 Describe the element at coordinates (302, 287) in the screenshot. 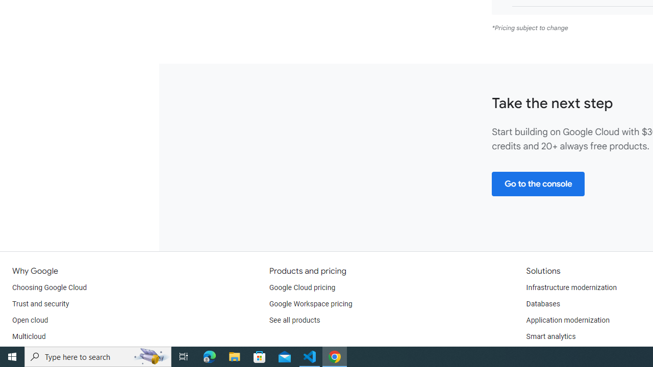

I see `'Google Cloud pricing'` at that location.